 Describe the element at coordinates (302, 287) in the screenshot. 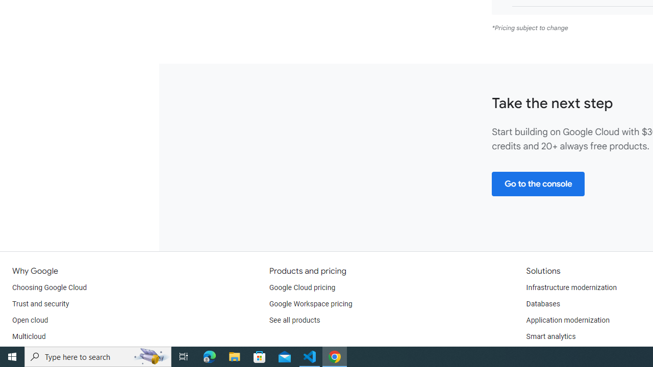

I see `'Google Cloud pricing'` at that location.